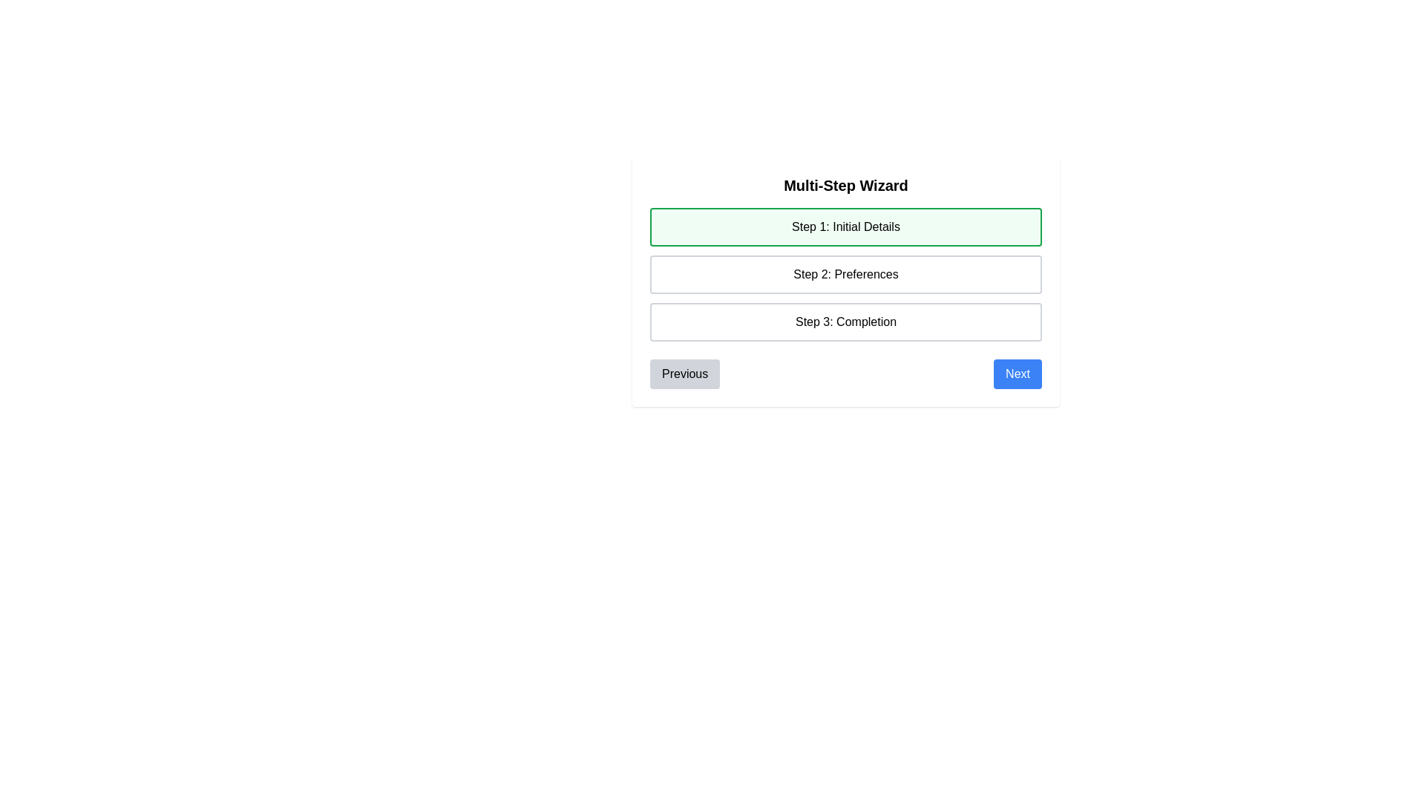 Image resolution: width=1425 pixels, height=802 pixels. Describe the element at coordinates (846, 185) in the screenshot. I see `the header text of the wizard interface, which indicates the purpose of the multi-step process` at that location.